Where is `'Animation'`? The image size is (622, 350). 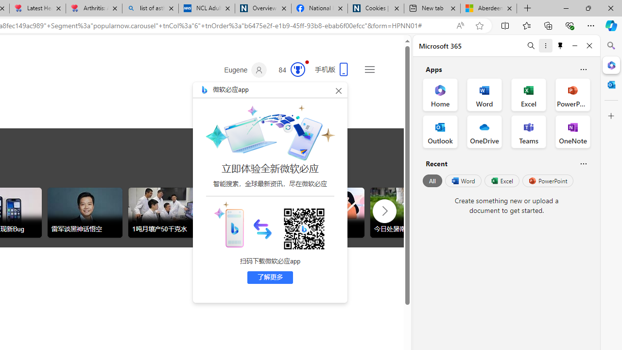 'Animation' is located at coordinates (307, 62).